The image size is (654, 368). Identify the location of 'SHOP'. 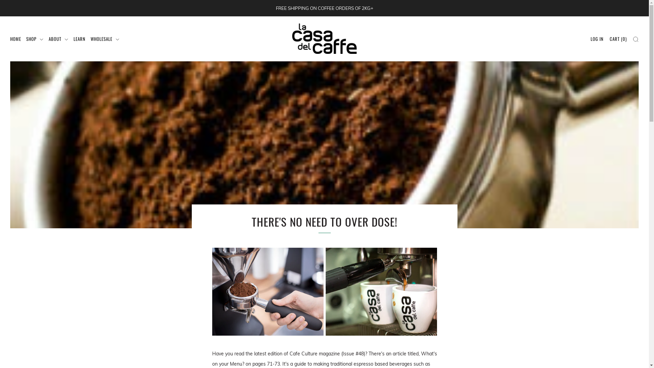
(26, 39).